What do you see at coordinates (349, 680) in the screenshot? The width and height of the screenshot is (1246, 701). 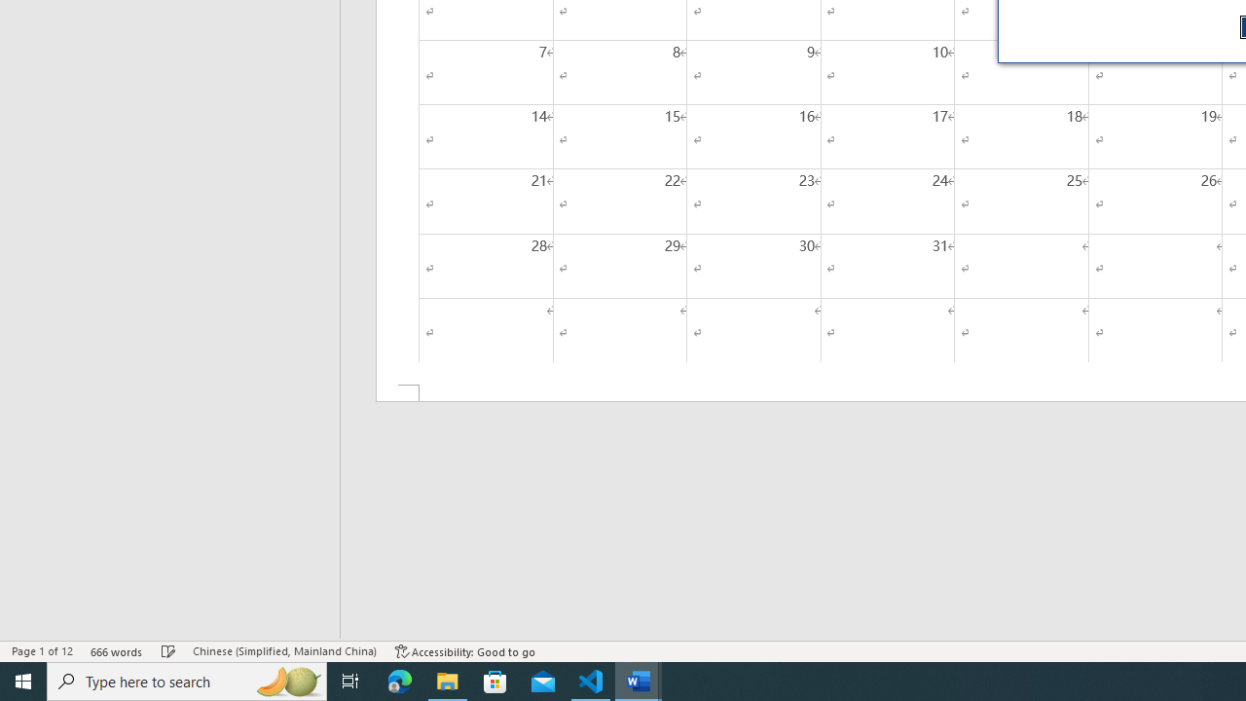 I see `'Task View'` at bounding box center [349, 680].